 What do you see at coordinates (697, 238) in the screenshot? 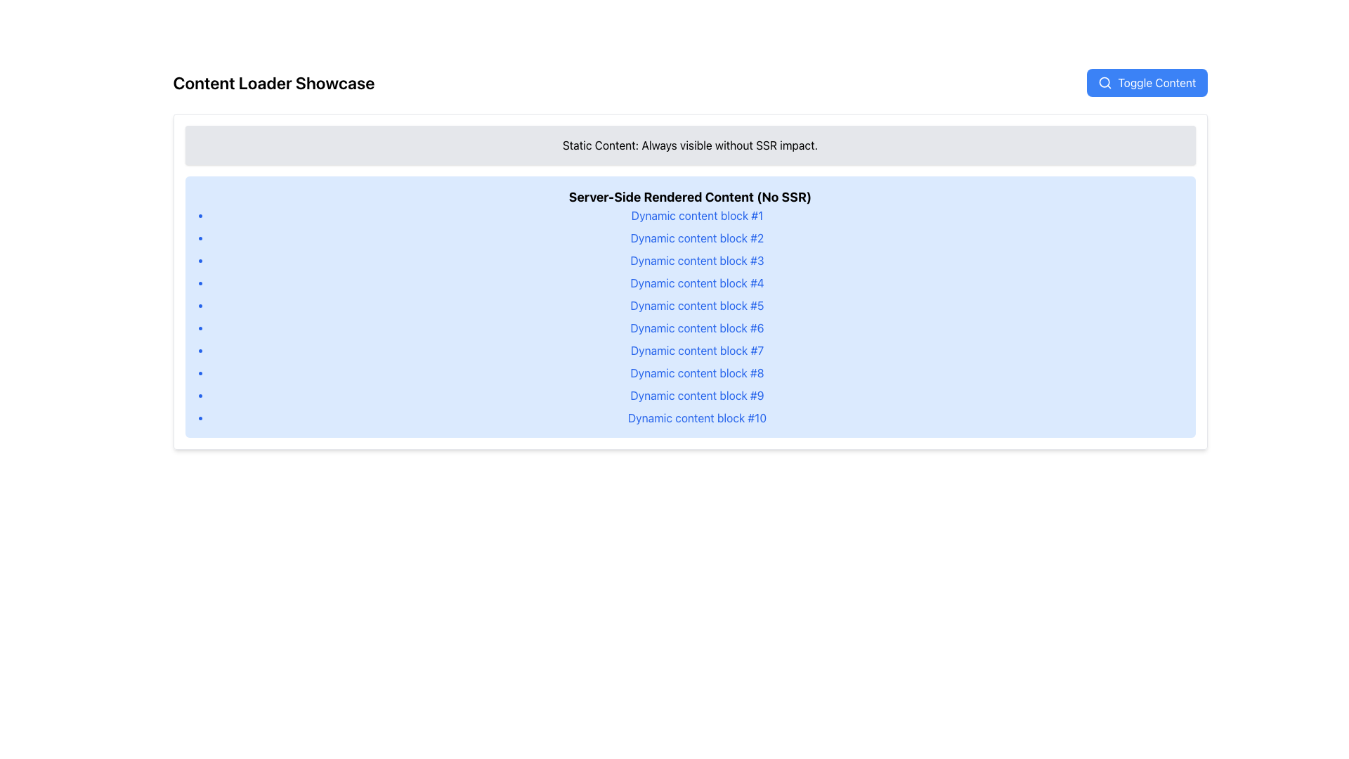
I see `the second text label in a list of content blocks that describes the corresponding block between 'Dynamic content block #1' and 'Dynamic content block #3'` at bounding box center [697, 238].